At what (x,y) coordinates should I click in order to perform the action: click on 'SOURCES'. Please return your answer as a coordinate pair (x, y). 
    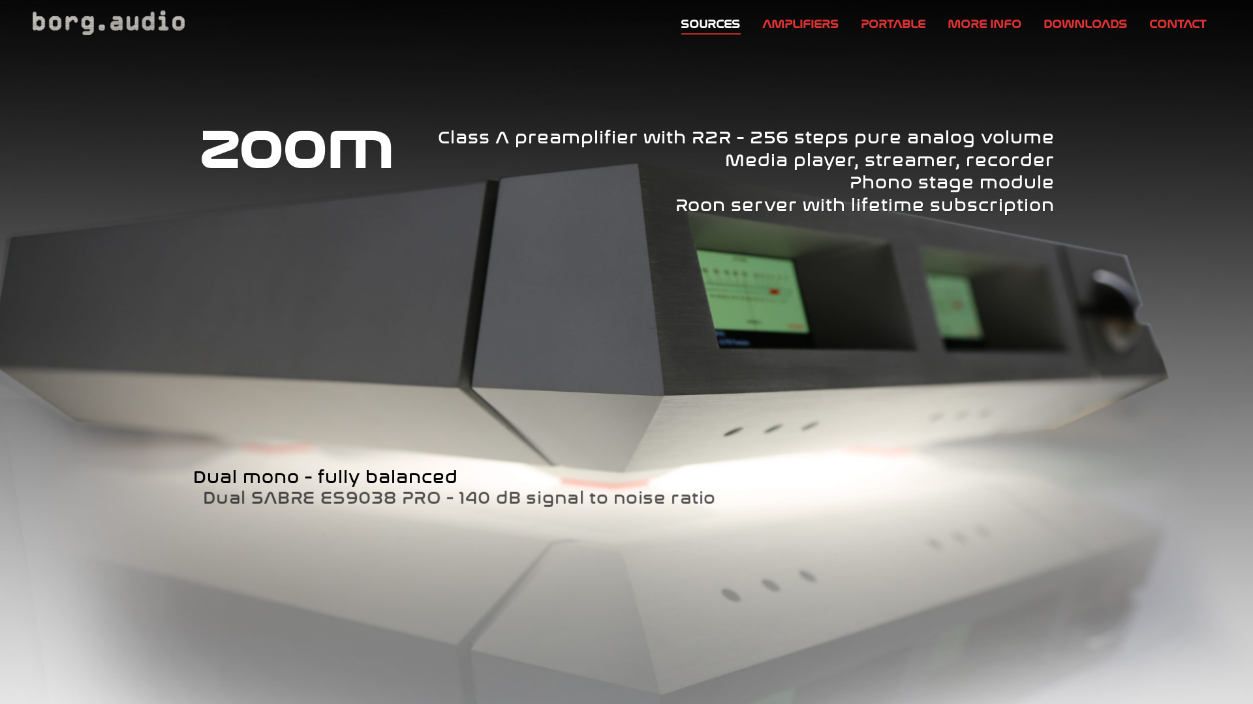
    Looking at the image, I should click on (709, 22).